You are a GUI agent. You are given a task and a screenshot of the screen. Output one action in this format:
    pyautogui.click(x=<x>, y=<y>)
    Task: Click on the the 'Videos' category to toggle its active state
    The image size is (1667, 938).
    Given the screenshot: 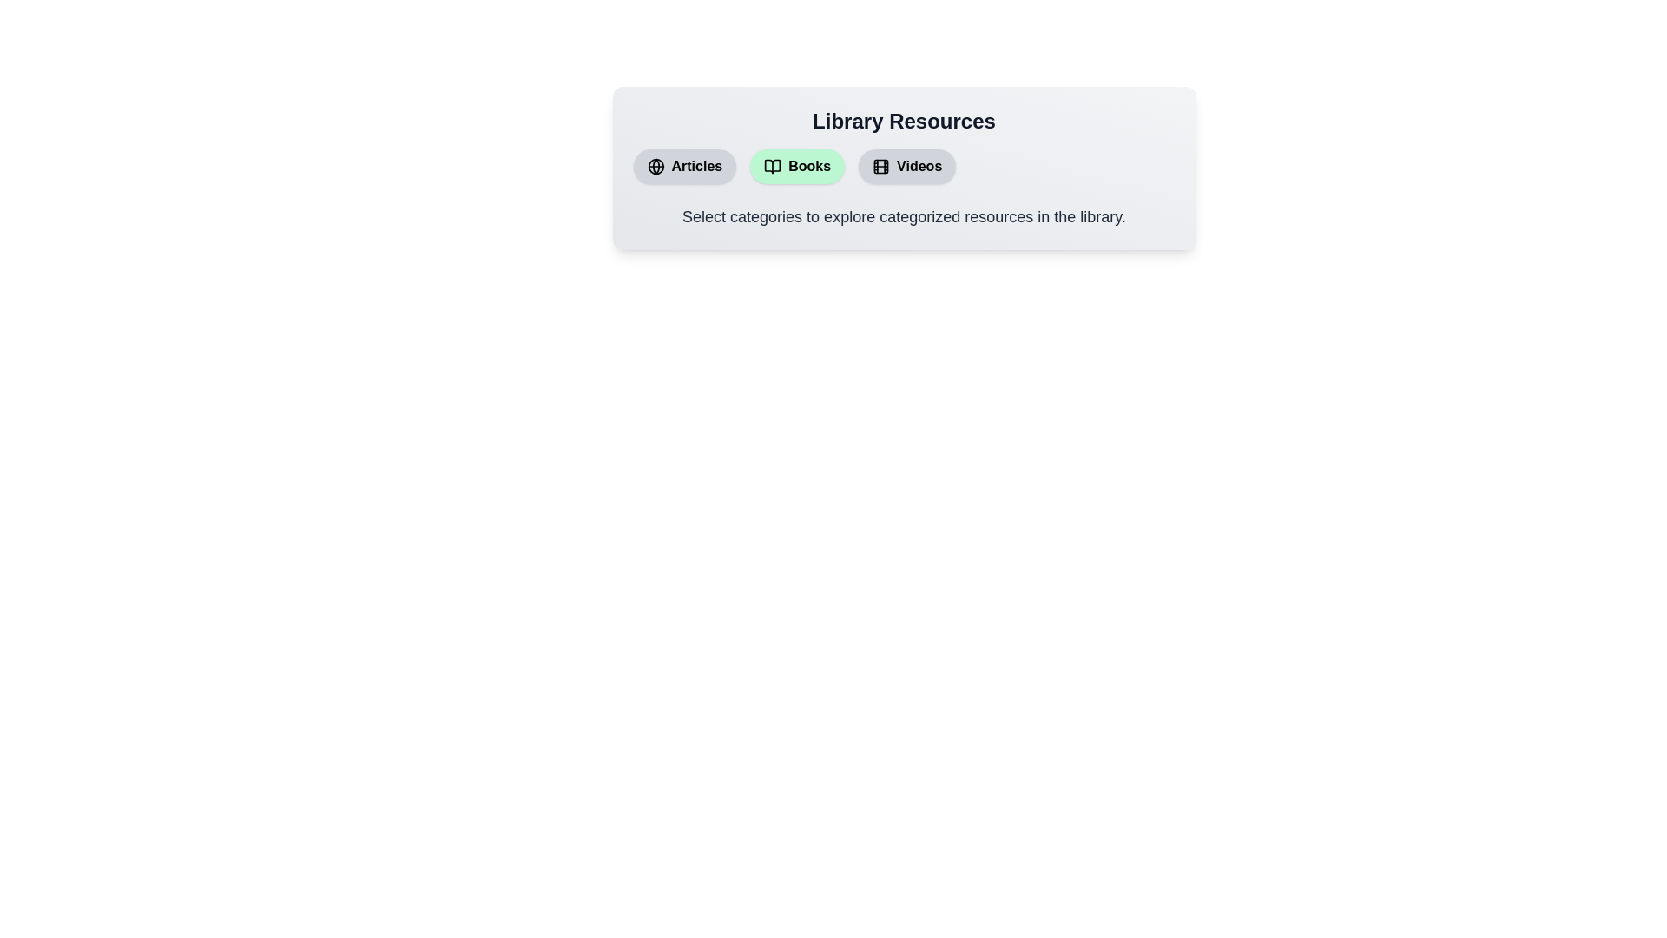 What is the action you would take?
    pyautogui.click(x=906, y=167)
    